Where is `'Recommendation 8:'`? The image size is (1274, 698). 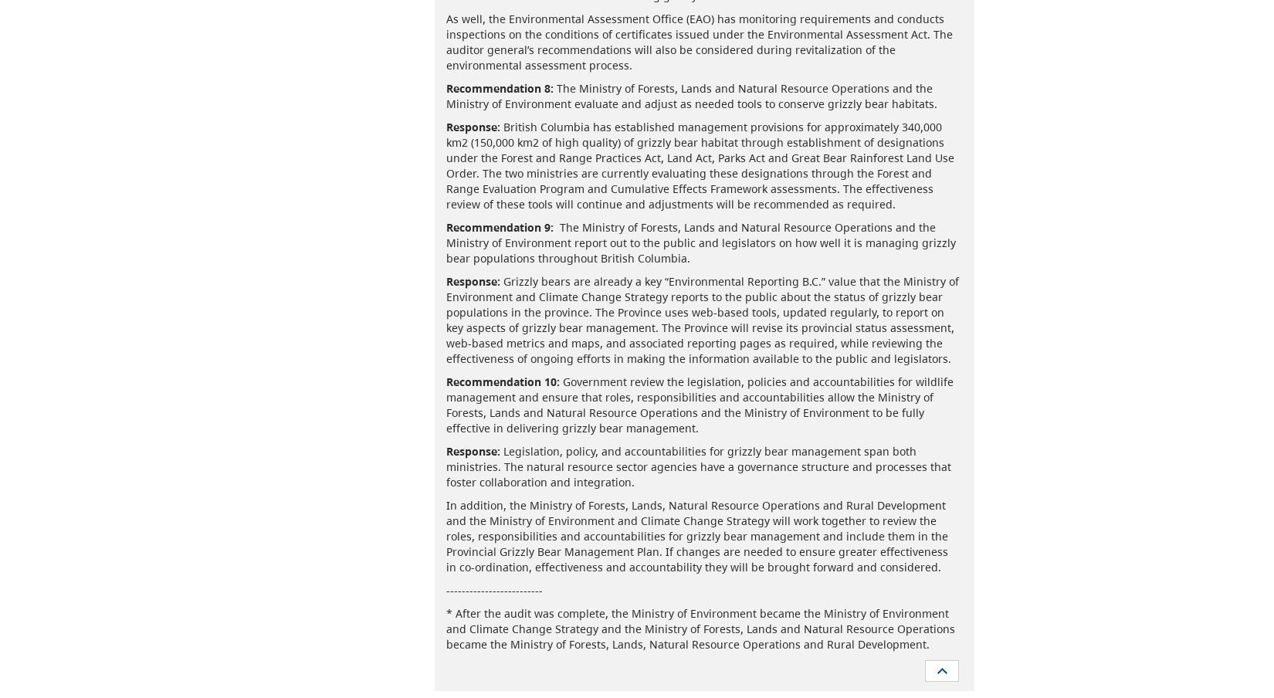 'Recommendation 8:' is located at coordinates (498, 87).